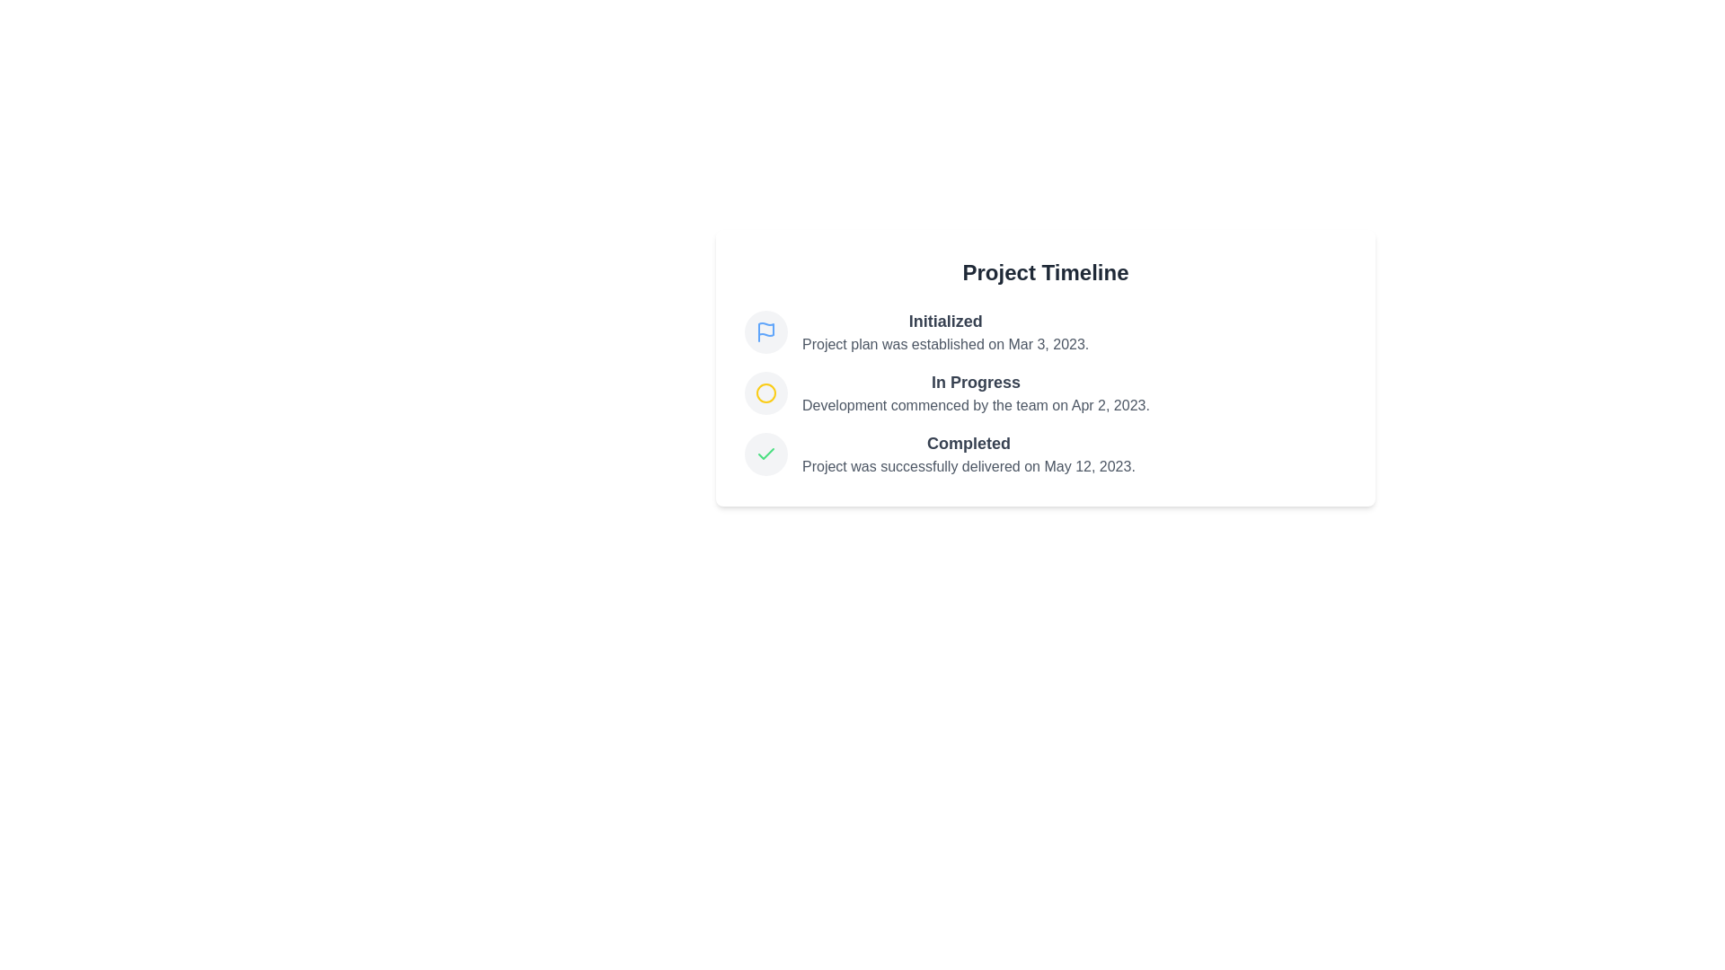 The width and height of the screenshot is (1725, 970). Describe the element at coordinates (1045, 392) in the screenshot. I see `text content of the Structured text component that displays project status updates, including labels and descriptions` at that location.